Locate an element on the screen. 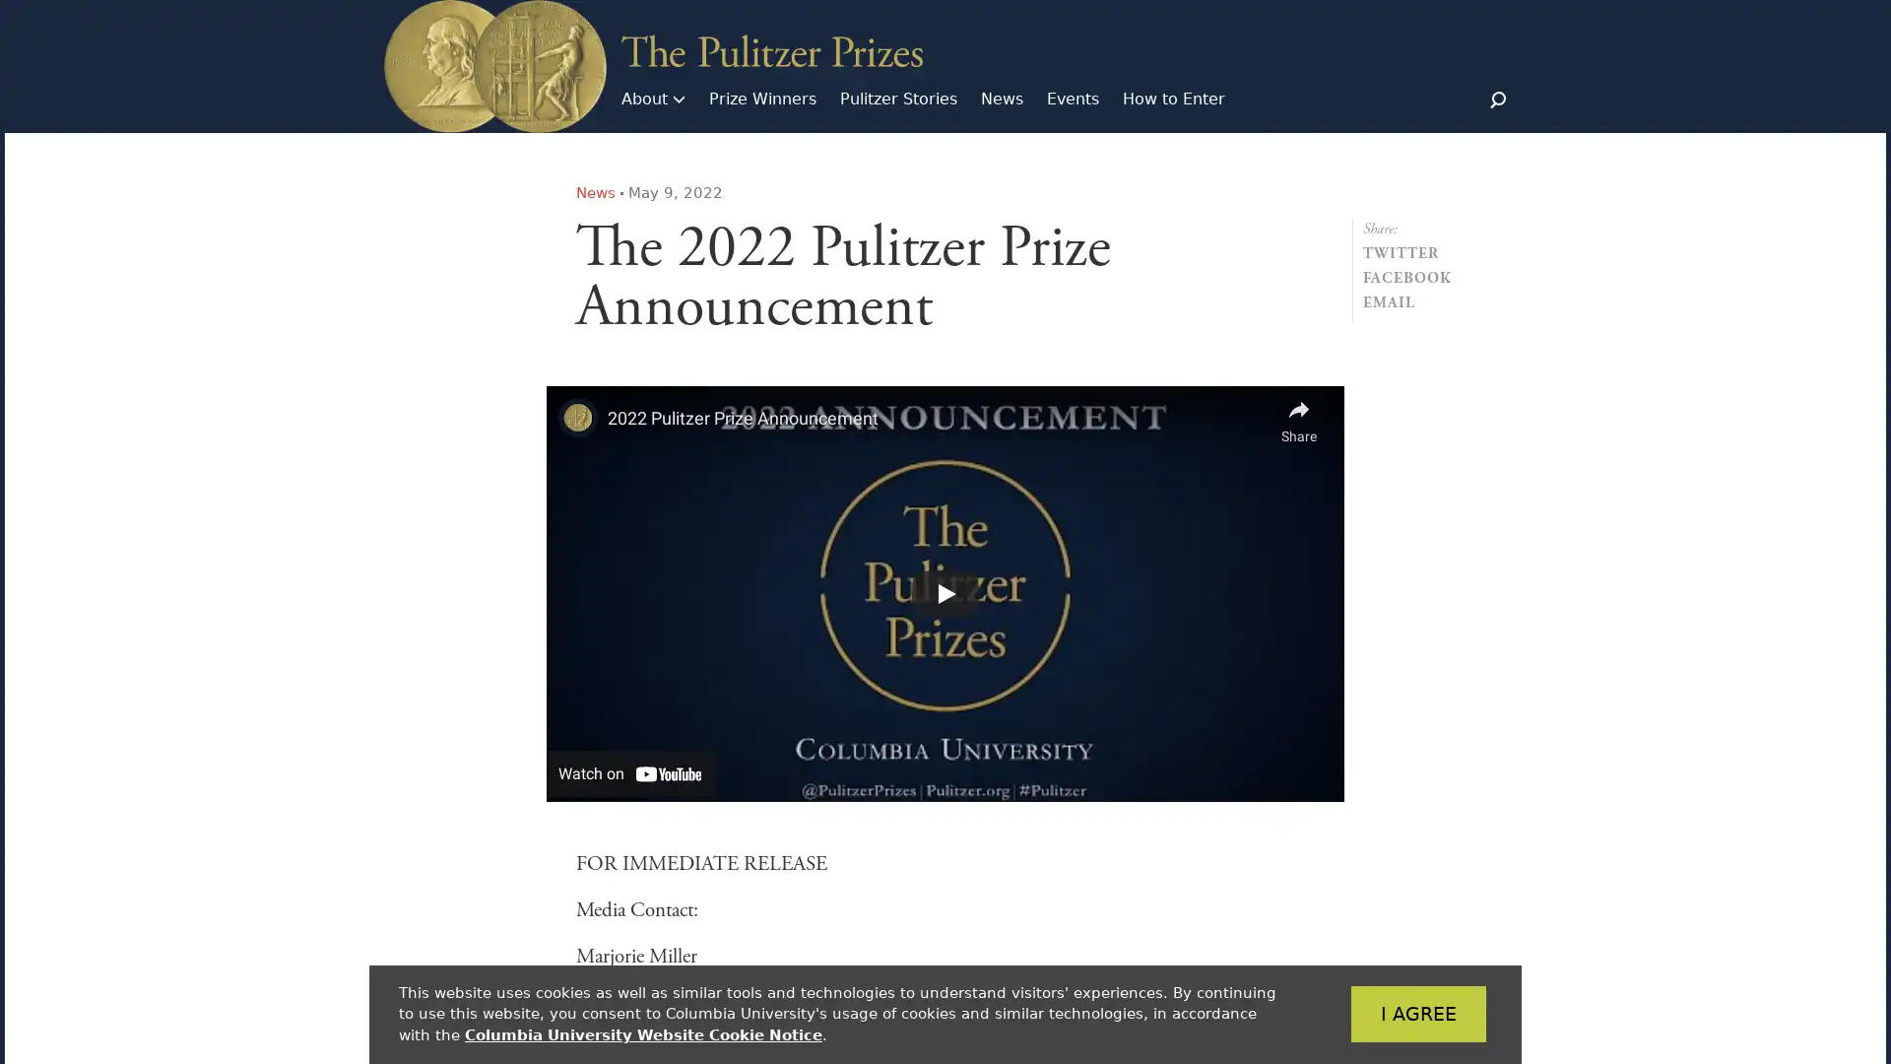 The height and width of the screenshot is (1064, 1891). Close Cookie Notice I AGREE is located at coordinates (1388, 1014).